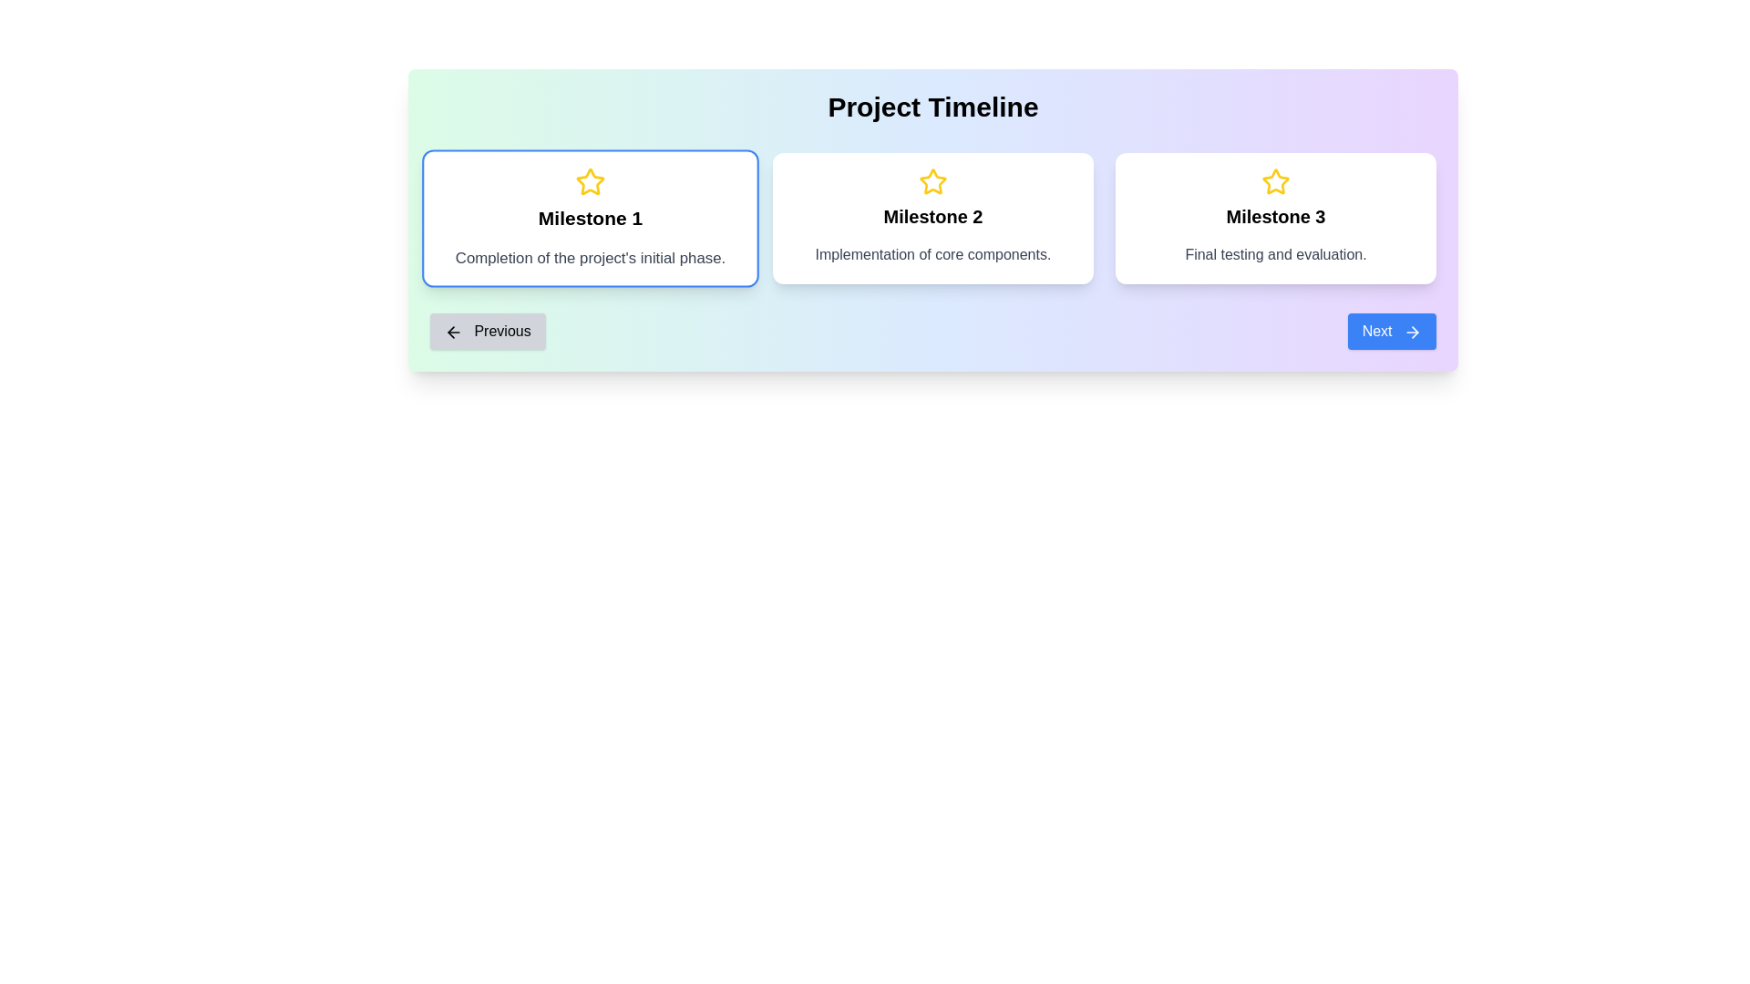 The width and height of the screenshot is (1750, 984). Describe the element at coordinates (1275, 182) in the screenshot. I see `the bright yellow star icon with a hollow center located at the top center of the 'Milestone 3' card for visual feedback` at that location.